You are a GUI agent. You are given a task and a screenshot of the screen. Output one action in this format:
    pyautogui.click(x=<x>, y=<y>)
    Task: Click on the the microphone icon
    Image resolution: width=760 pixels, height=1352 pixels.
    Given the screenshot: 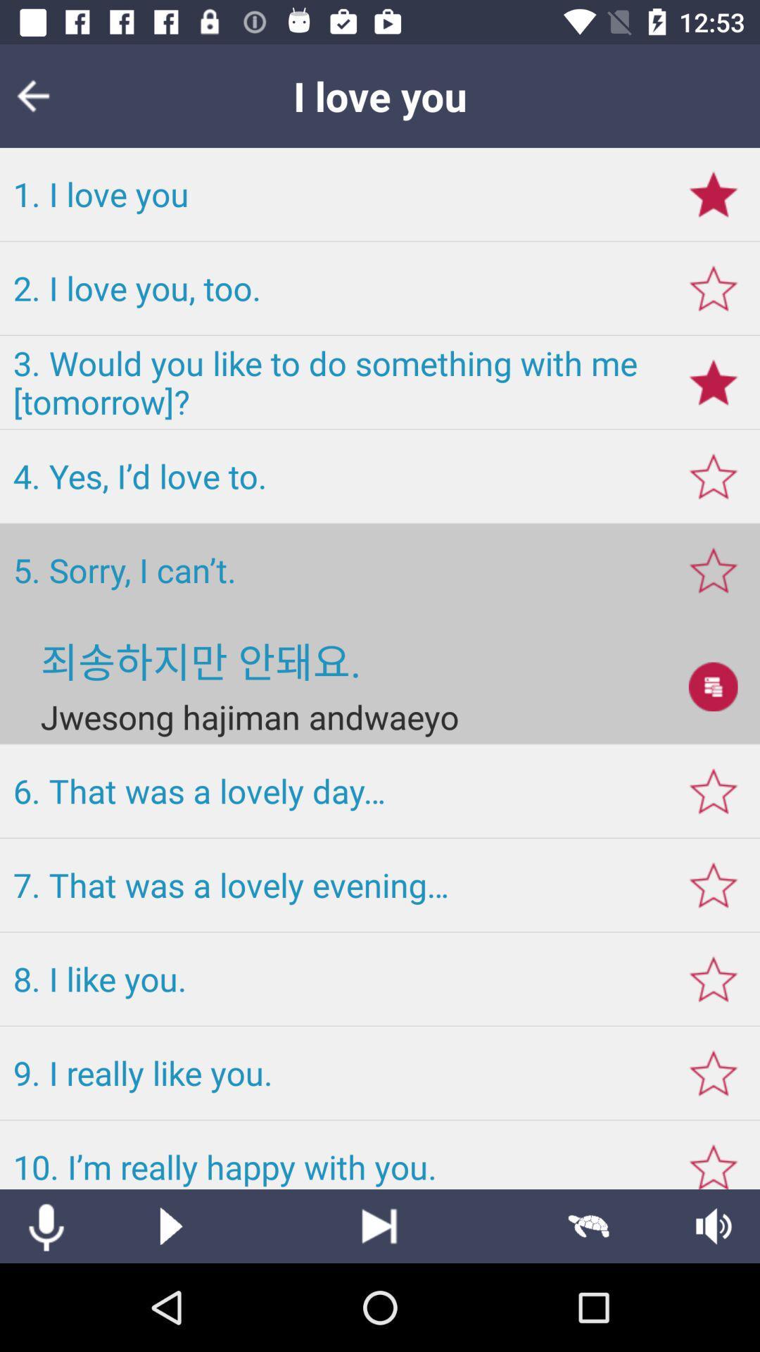 What is the action you would take?
    pyautogui.click(x=45, y=1225)
    